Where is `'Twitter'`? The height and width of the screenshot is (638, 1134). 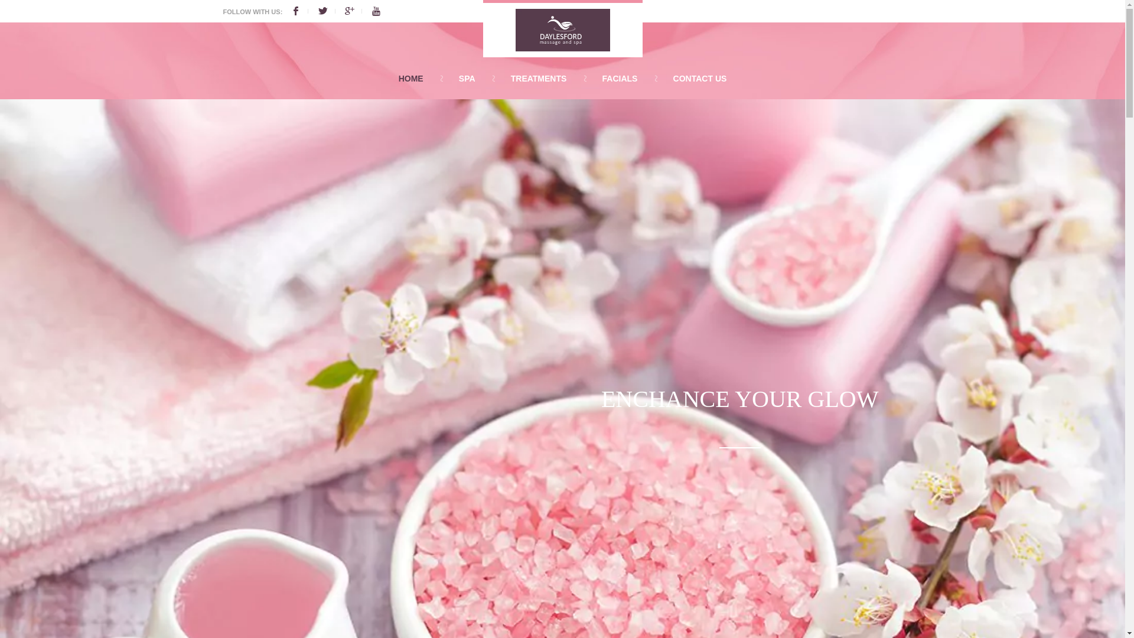 'Twitter' is located at coordinates (330, 11).